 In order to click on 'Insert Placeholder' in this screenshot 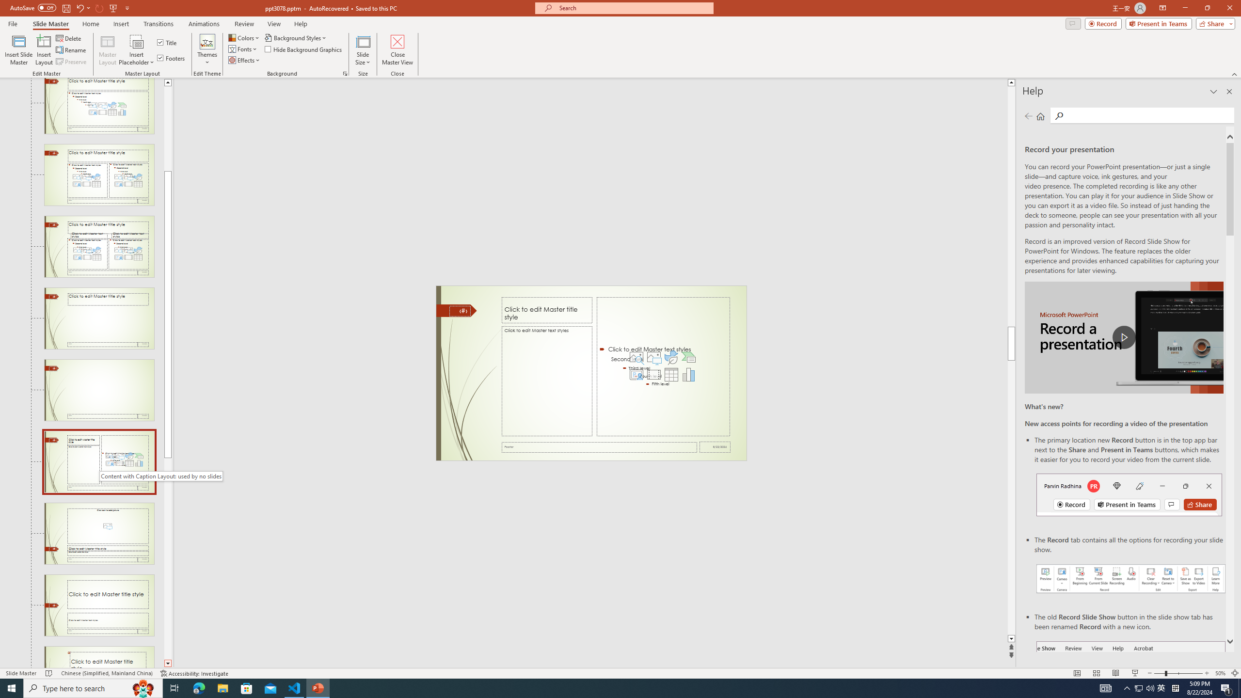, I will do `click(136, 50)`.